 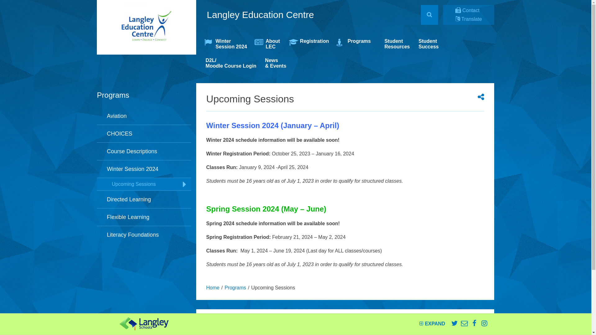 I want to click on 'News, so click(x=275, y=63).